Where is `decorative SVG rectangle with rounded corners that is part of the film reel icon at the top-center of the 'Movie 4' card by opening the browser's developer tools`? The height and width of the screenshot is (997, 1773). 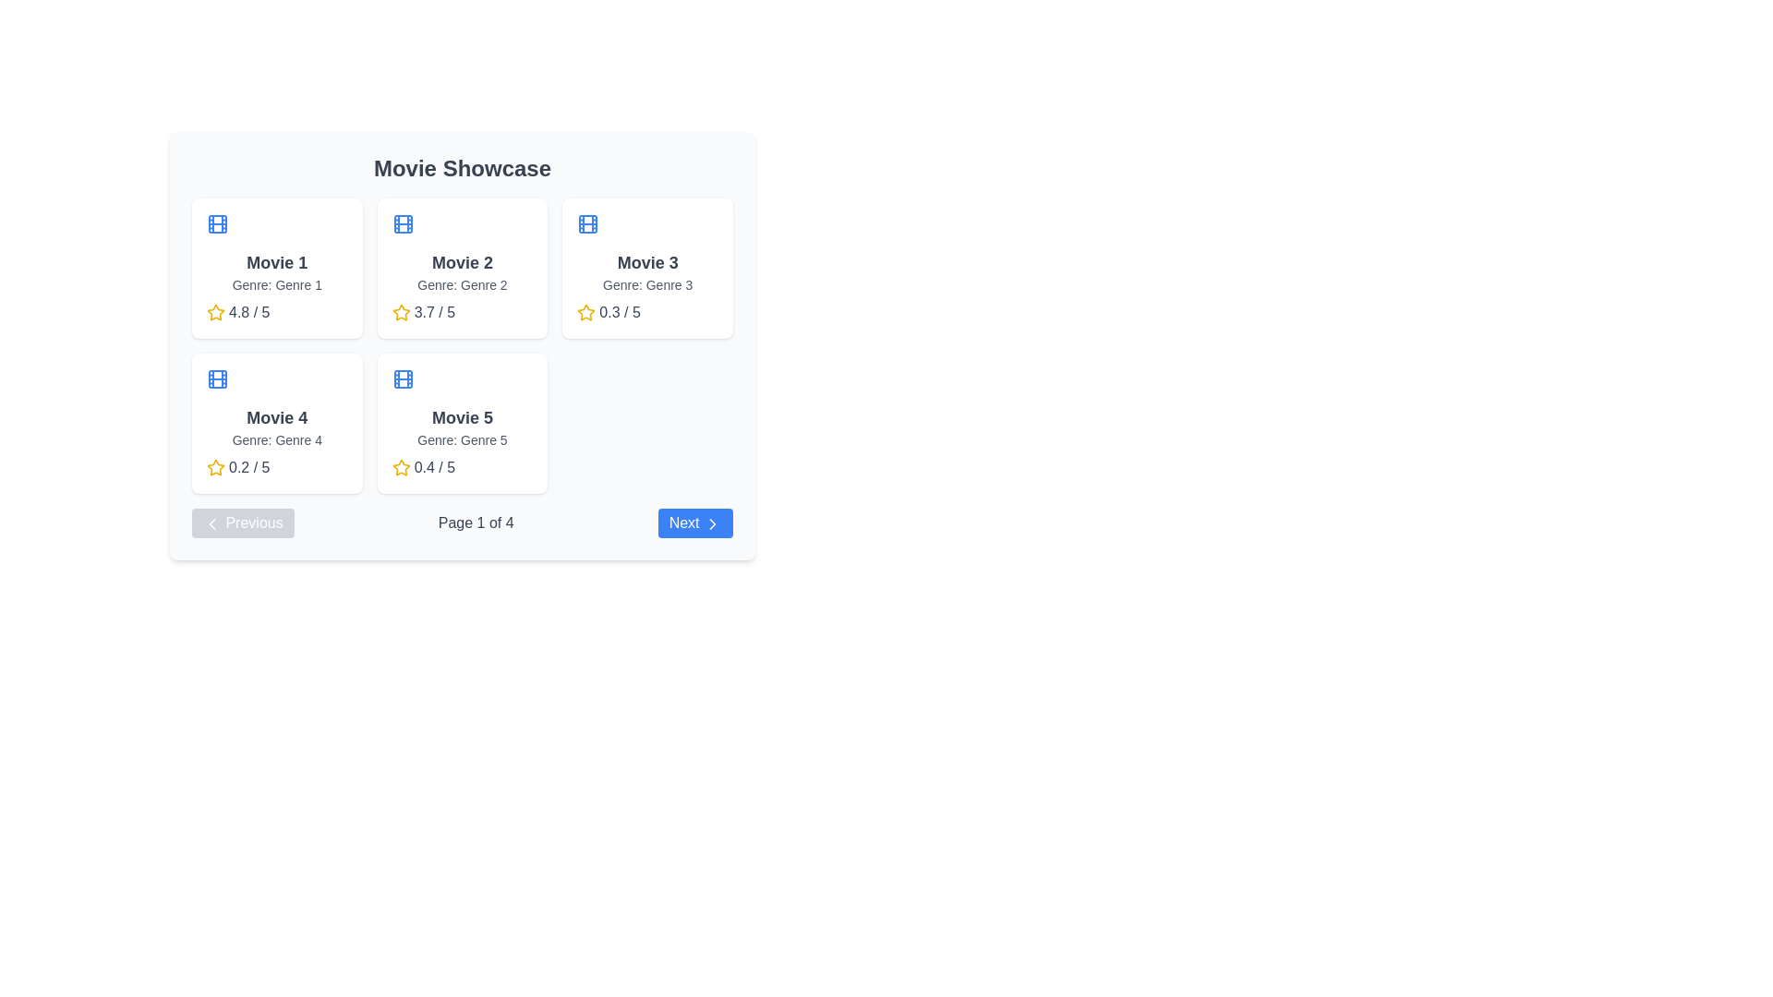 decorative SVG rectangle with rounded corners that is part of the film reel icon at the top-center of the 'Movie 4' card by opening the browser's developer tools is located at coordinates (217, 378).